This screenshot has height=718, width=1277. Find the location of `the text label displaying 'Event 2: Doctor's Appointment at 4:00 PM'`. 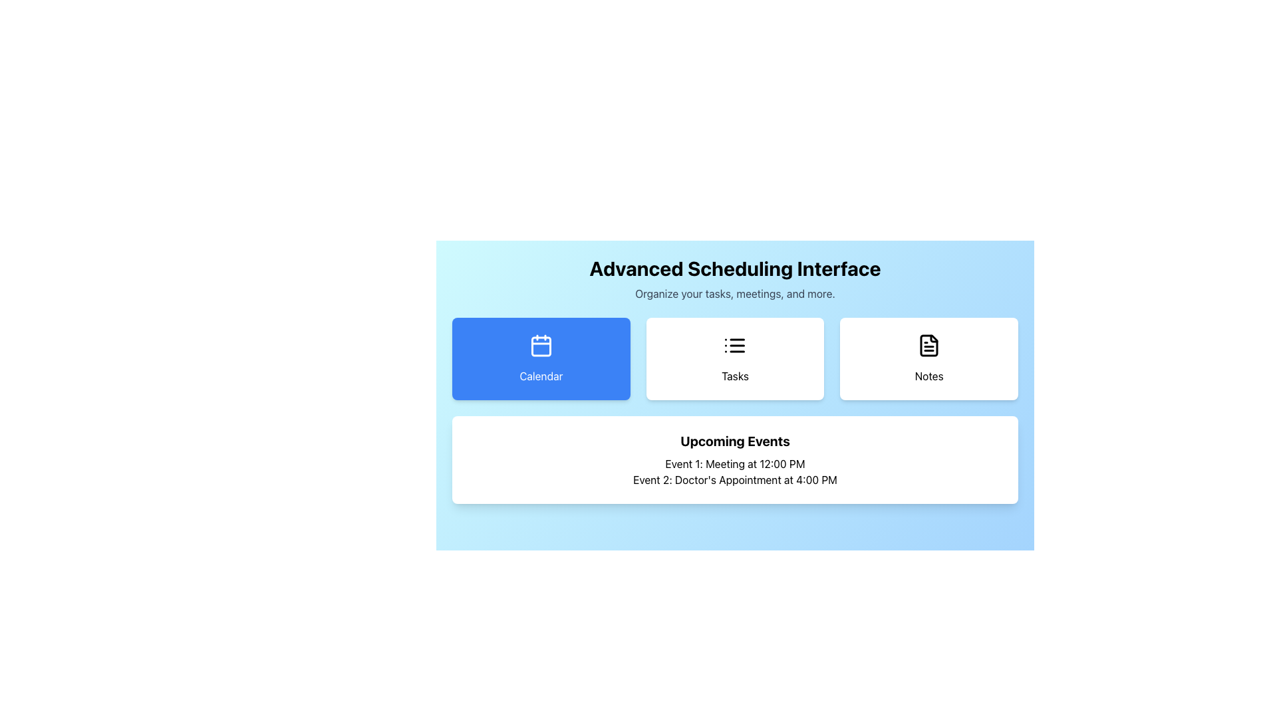

the text label displaying 'Event 2: Doctor's Appointment at 4:00 PM' is located at coordinates (734, 479).